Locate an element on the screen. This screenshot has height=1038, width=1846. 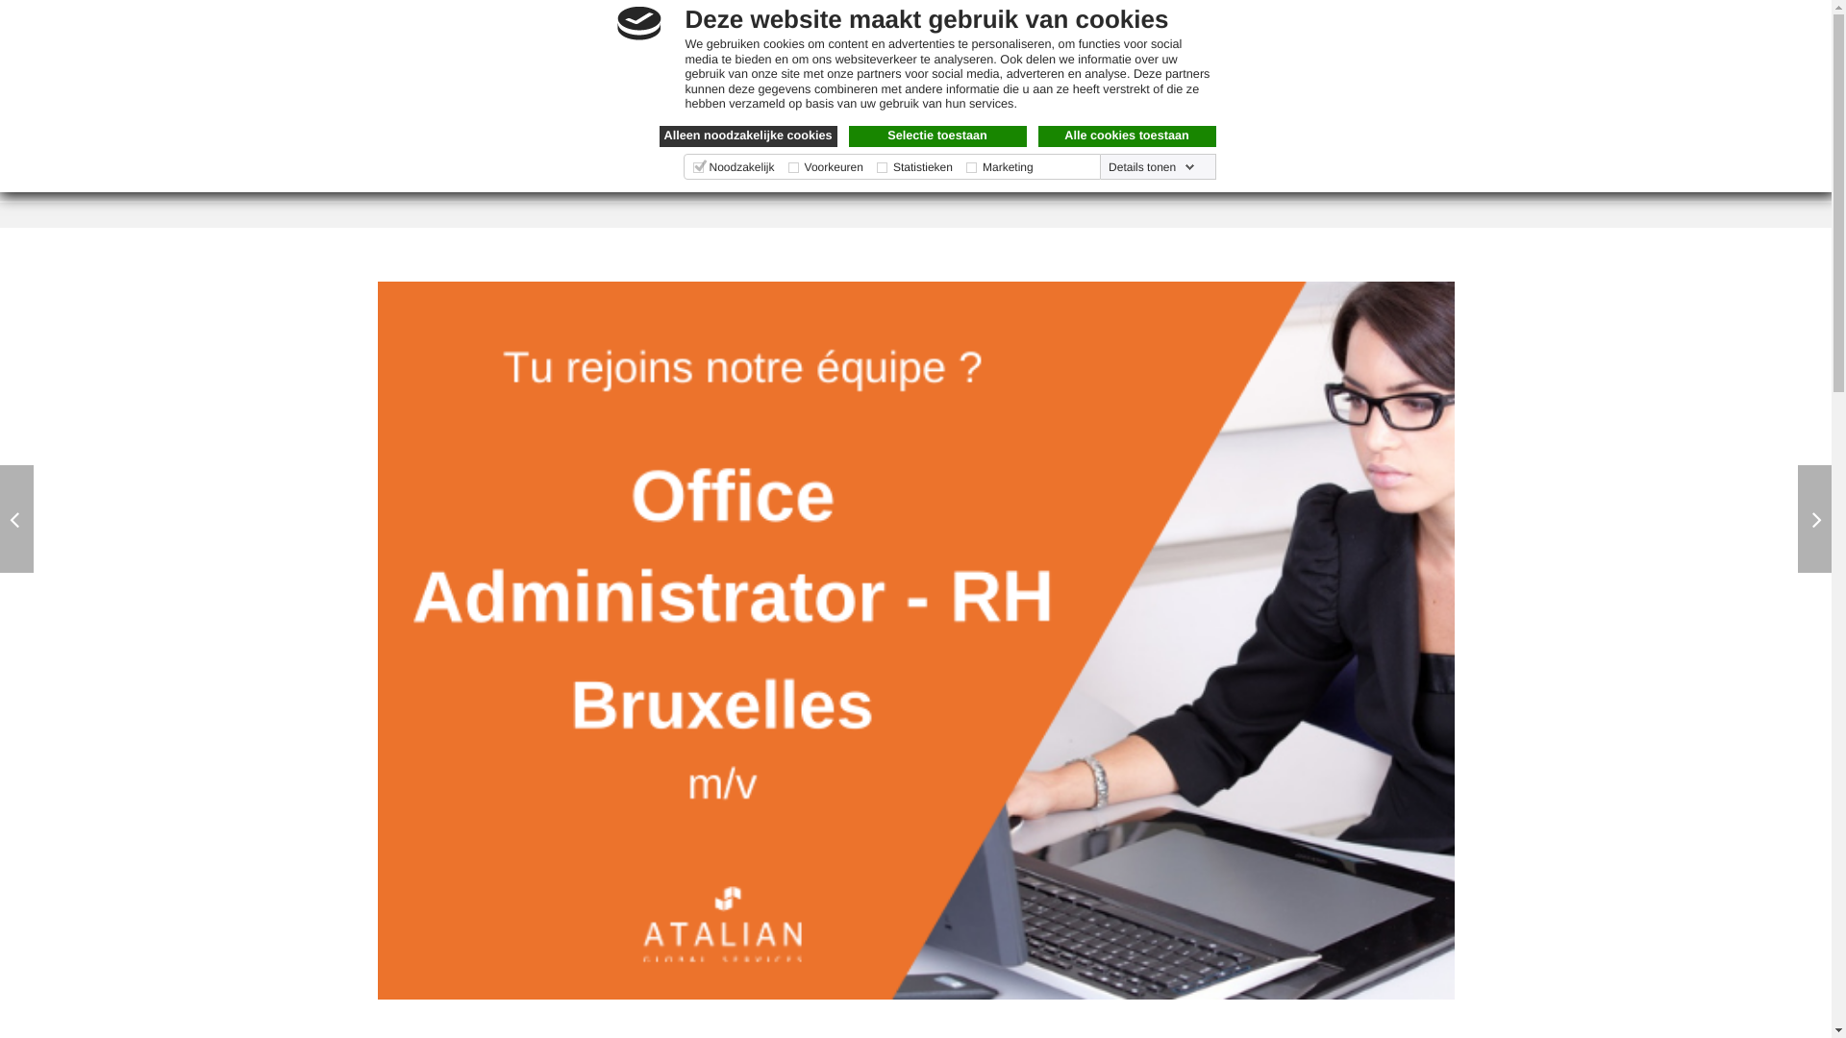
'OVER ONS' is located at coordinates (697, 142).